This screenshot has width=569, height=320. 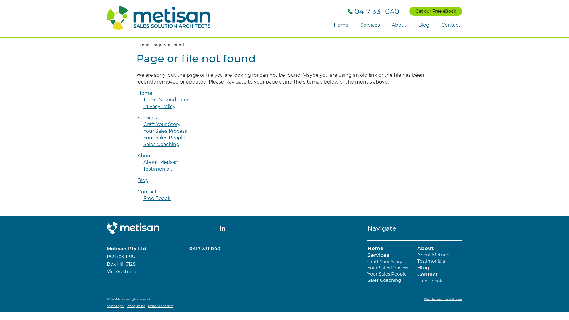 What do you see at coordinates (157, 198) in the screenshot?
I see `'Free Ebook'` at bounding box center [157, 198].